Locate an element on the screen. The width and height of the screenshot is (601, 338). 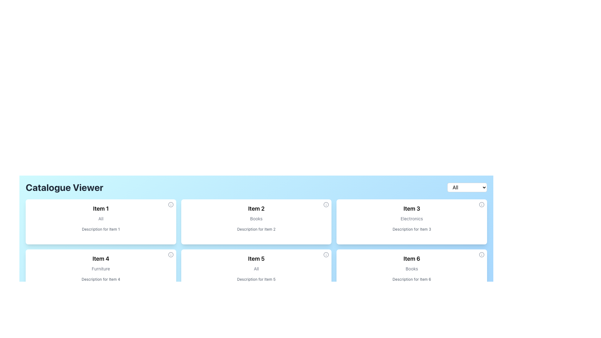
the card displaying the catalog item that is positioned in the second column of the grid layout, between 'Item 1' and 'Item 3' is located at coordinates (256, 222).